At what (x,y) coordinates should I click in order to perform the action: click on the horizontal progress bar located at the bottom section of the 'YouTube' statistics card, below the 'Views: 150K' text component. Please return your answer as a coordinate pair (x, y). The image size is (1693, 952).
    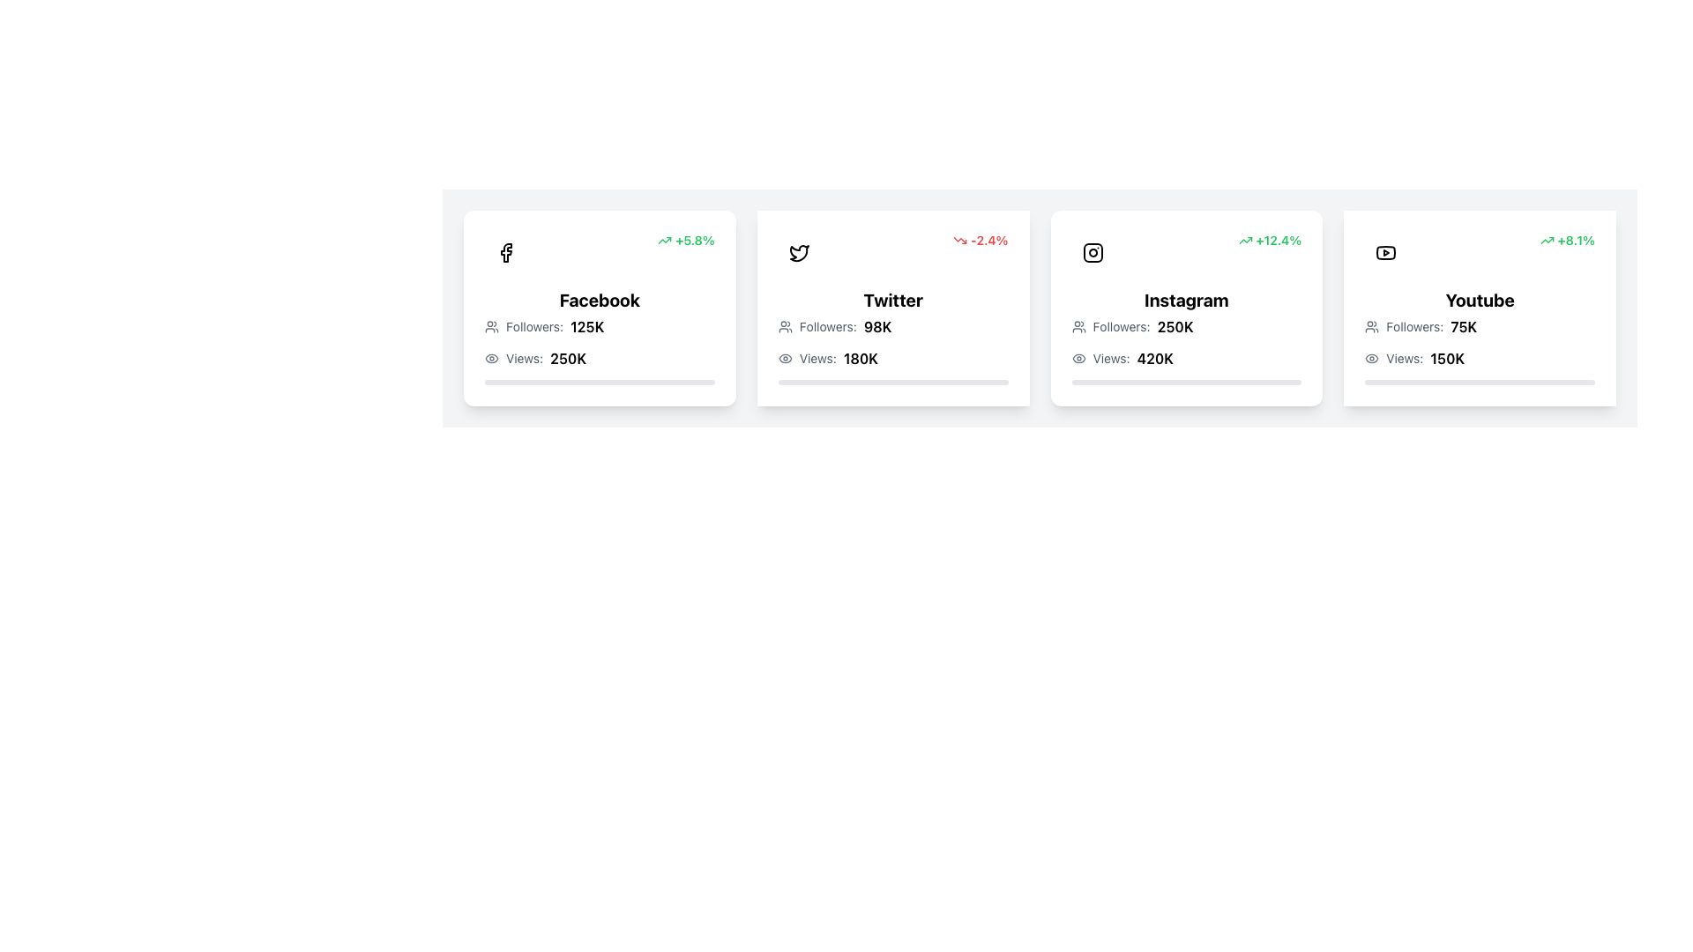
    Looking at the image, I should click on (1480, 382).